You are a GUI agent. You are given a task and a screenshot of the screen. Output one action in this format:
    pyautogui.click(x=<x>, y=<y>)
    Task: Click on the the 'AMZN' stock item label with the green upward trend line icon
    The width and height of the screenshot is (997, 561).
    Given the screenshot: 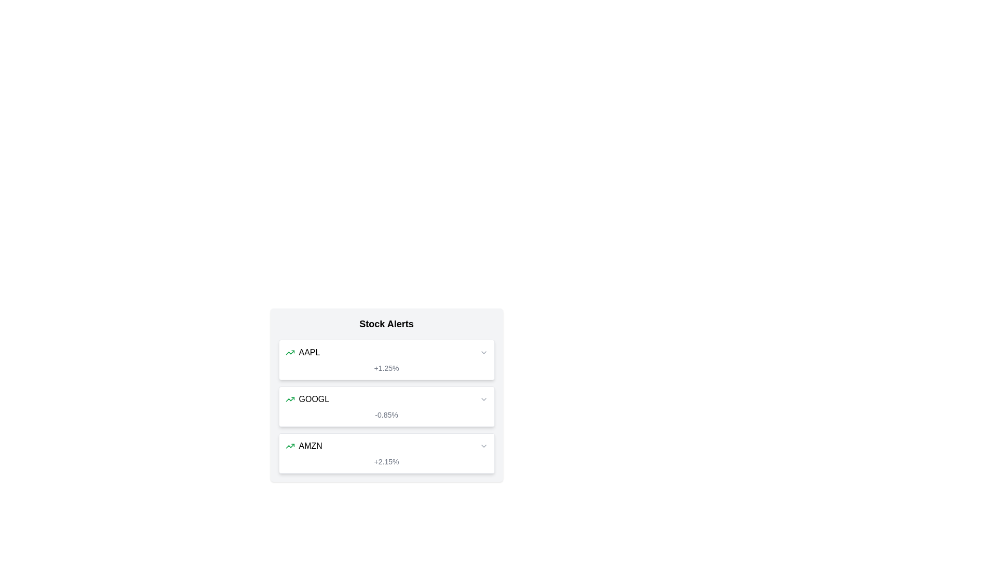 What is the action you would take?
    pyautogui.click(x=303, y=446)
    